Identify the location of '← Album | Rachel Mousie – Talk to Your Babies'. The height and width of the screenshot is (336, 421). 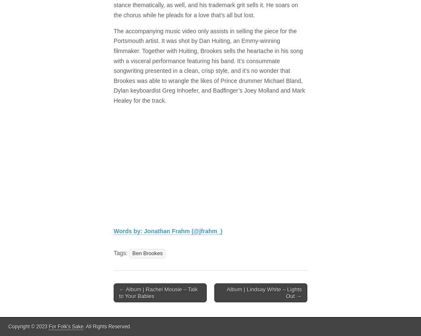
(158, 292).